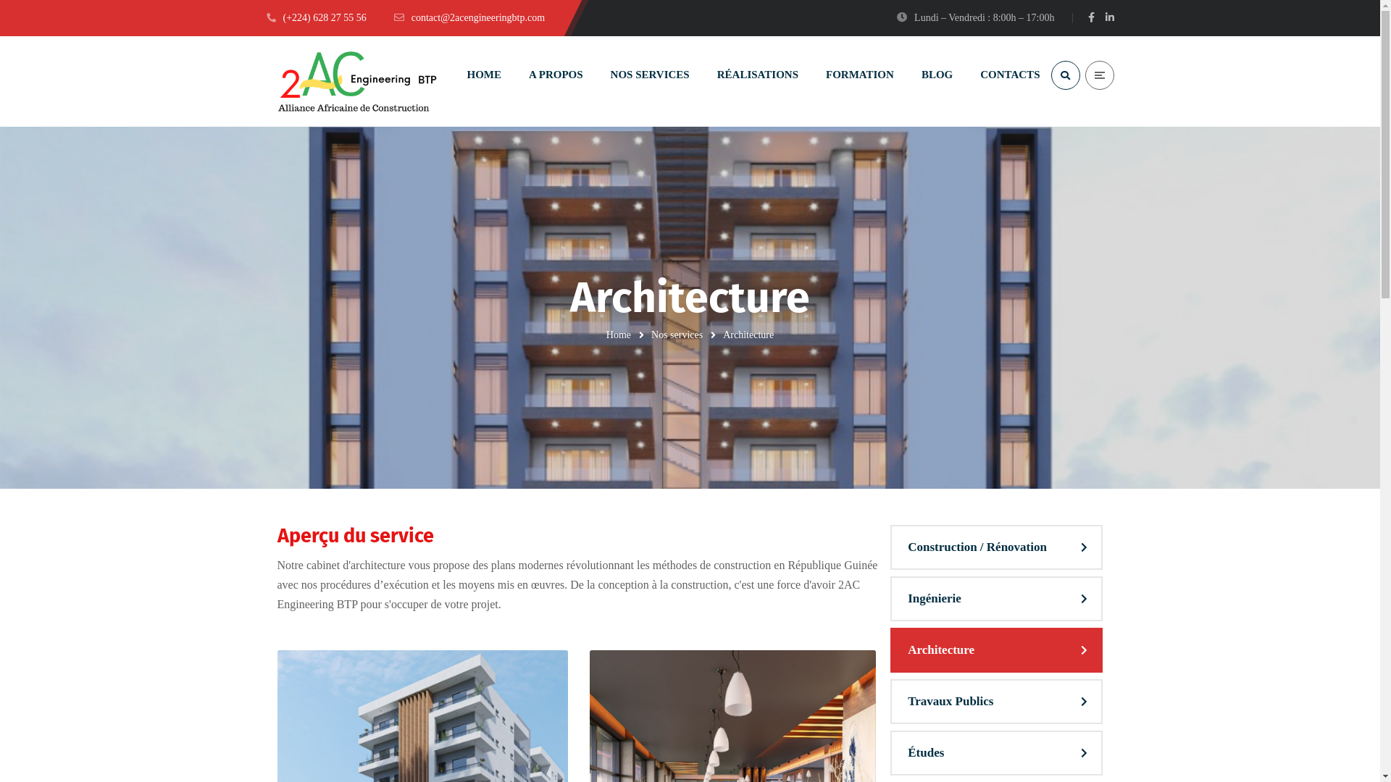  I want to click on '(+224) 628 27 55 56', so click(315, 17).